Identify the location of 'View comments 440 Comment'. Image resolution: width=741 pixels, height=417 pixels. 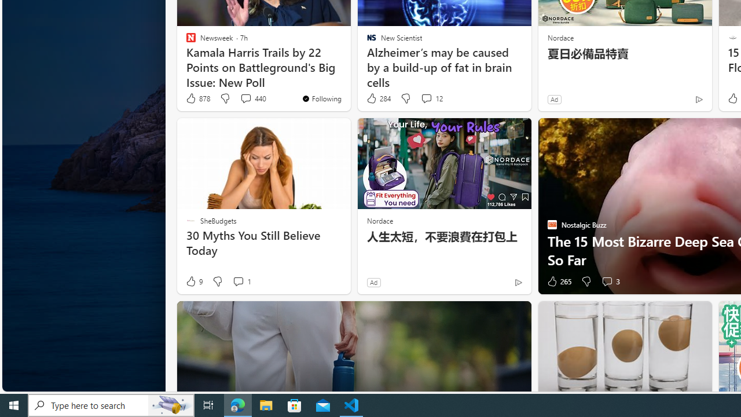
(245, 97).